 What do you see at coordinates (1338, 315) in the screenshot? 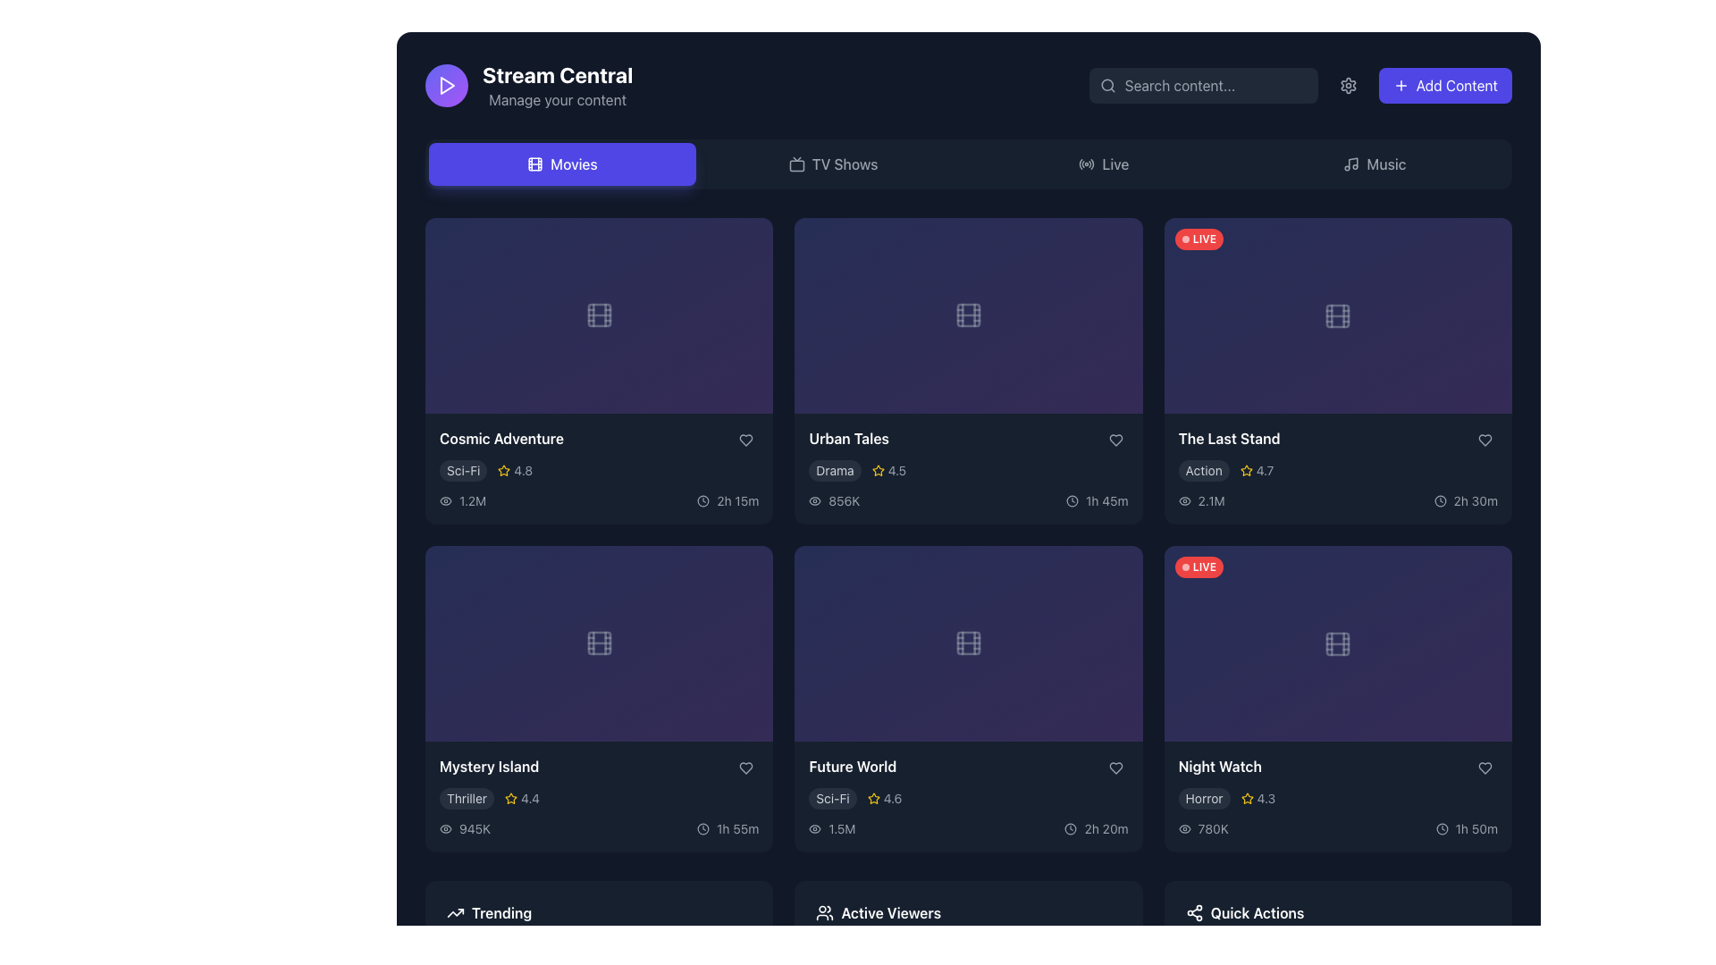
I see `on the 'LIVE' Content Card located in the top-right corner of the grid layout under the 'Movies' tab, which is the fourth card in the grid` at bounding box center [1338, 315].